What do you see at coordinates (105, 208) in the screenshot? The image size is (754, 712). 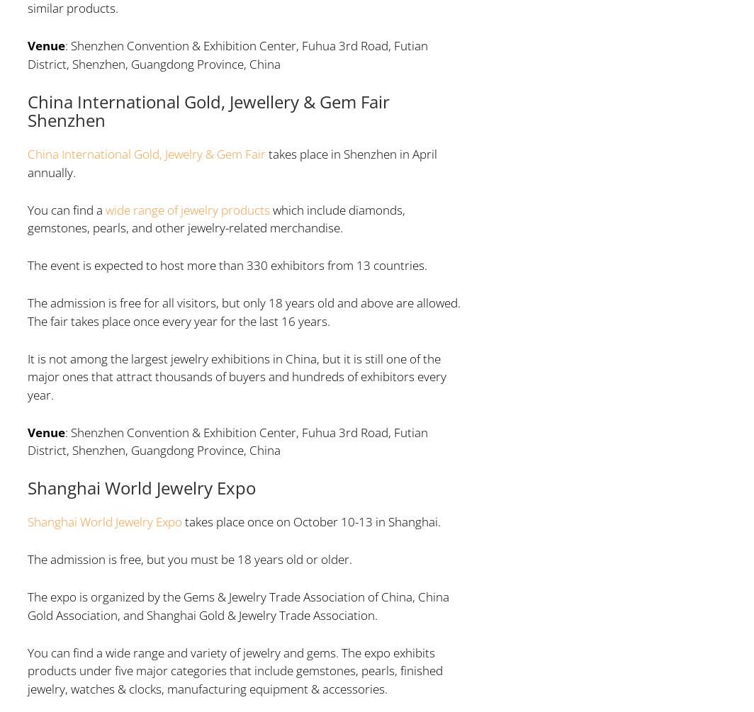 I see `'wide range of jewelry products'` at bounding box center [105, 208].